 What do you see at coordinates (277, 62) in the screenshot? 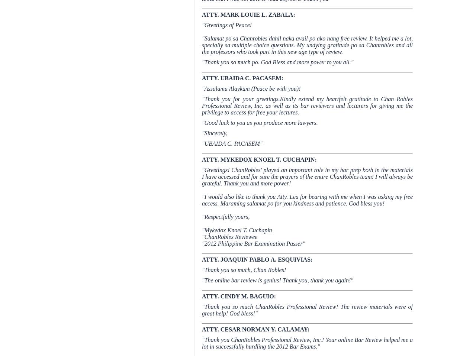
I see `'"Thank you so much po. God   Bless and more power to you all."'` at bounding box center [277, 62].